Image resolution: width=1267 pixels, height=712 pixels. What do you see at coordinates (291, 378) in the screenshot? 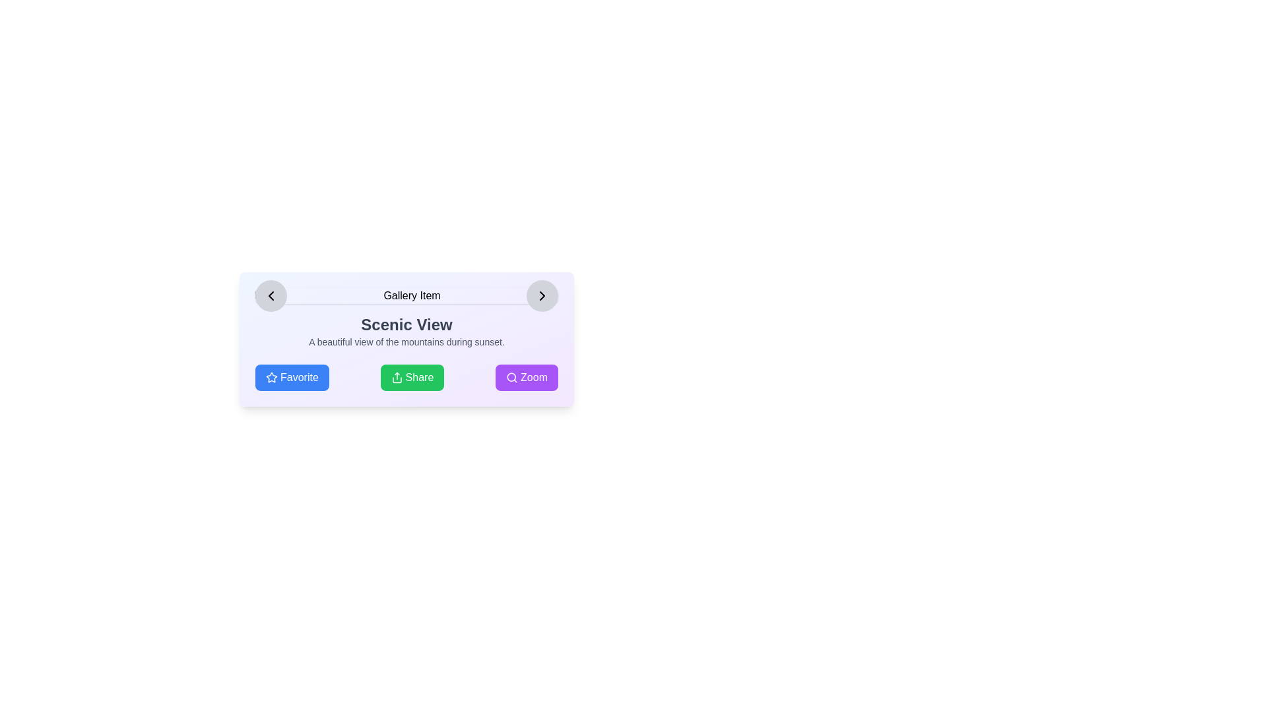
I see `the leftmost button in the horizontal arrangement of three buttons at the bottom of the 'Scenic View' section to mark the associated item as a favorite` at bounding box center [291, 378].